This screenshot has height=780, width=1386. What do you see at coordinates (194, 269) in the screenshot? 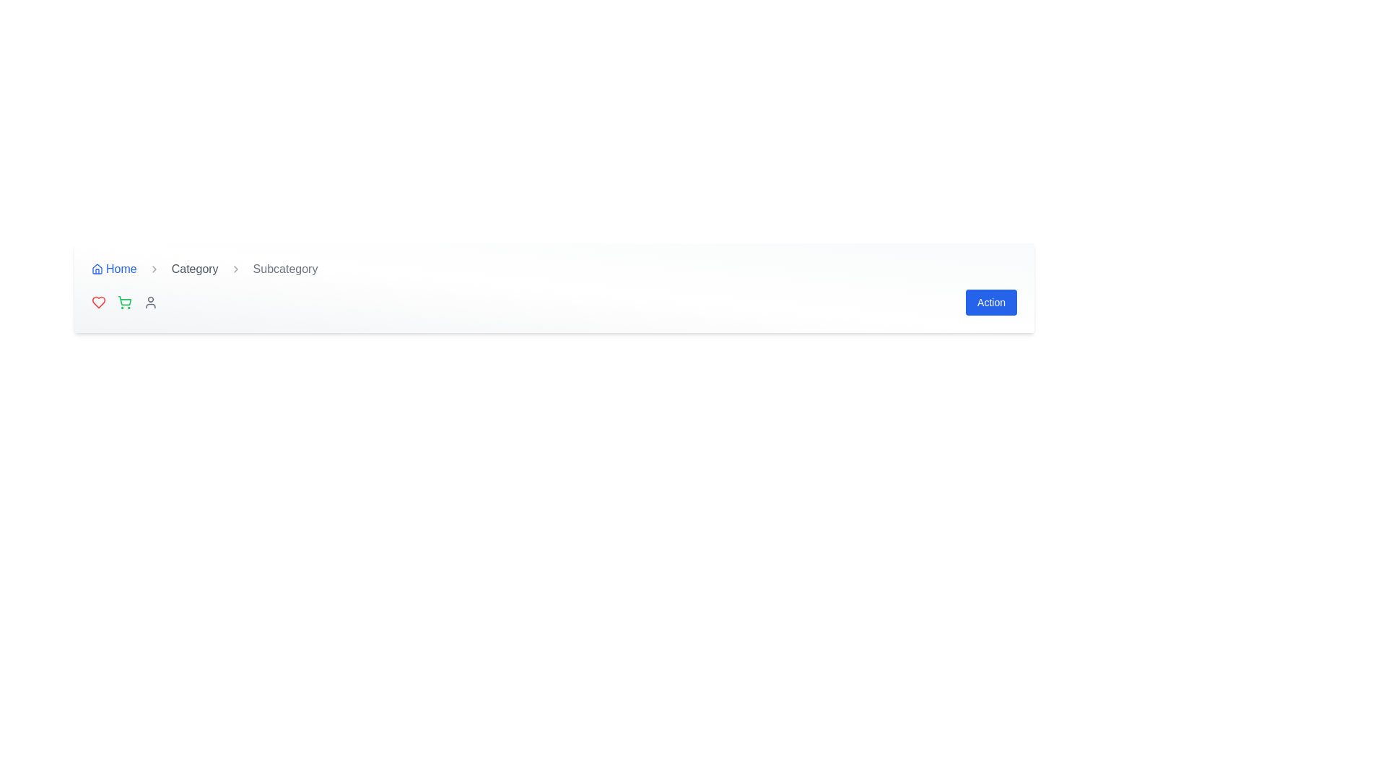
I see `the 'Category' hyperlink in the breadcrumb navigation bar` at bounding box center [194, 269].